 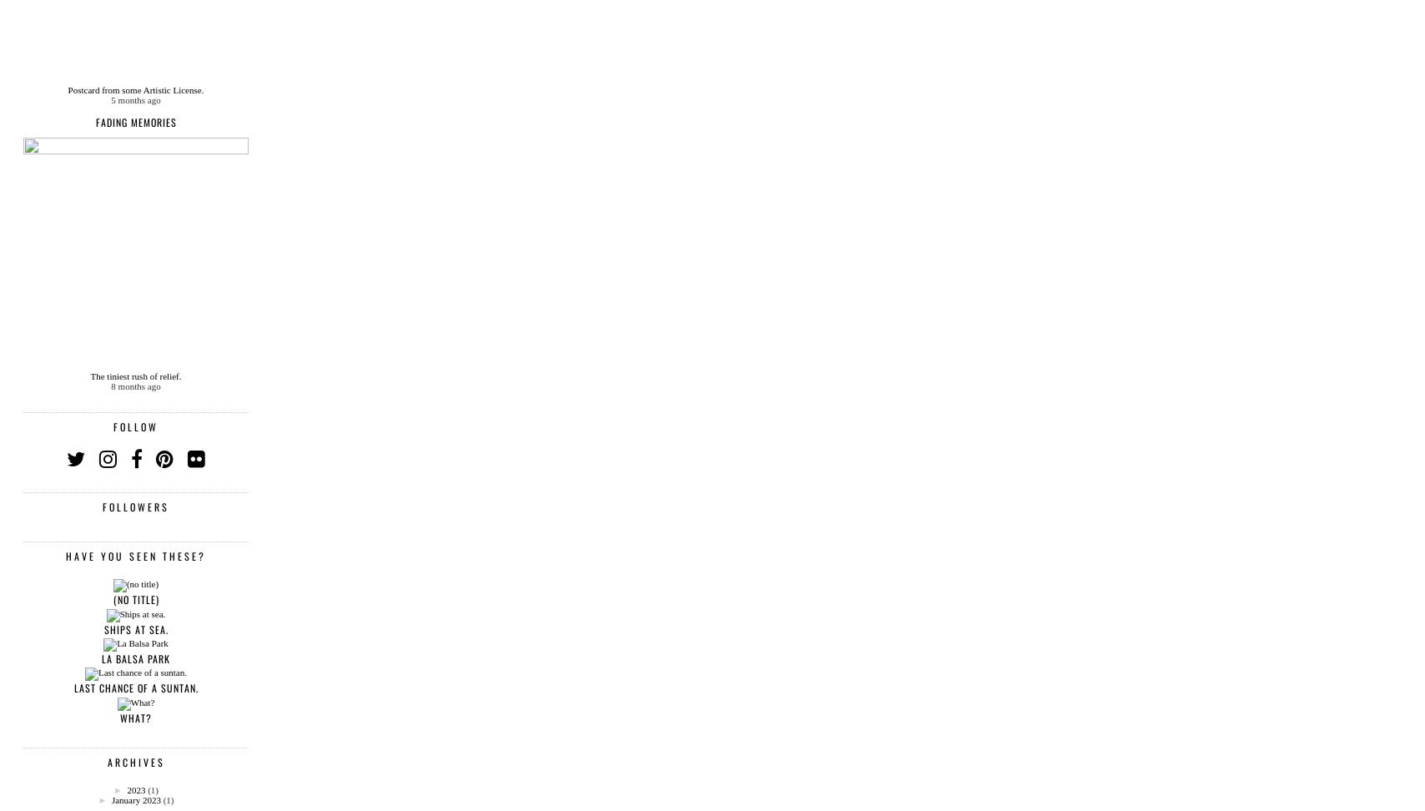 What do you see at coordinates (135, 122) in the screenshot?
I see `'Fading Memories'` at bounding box center [135, 122].